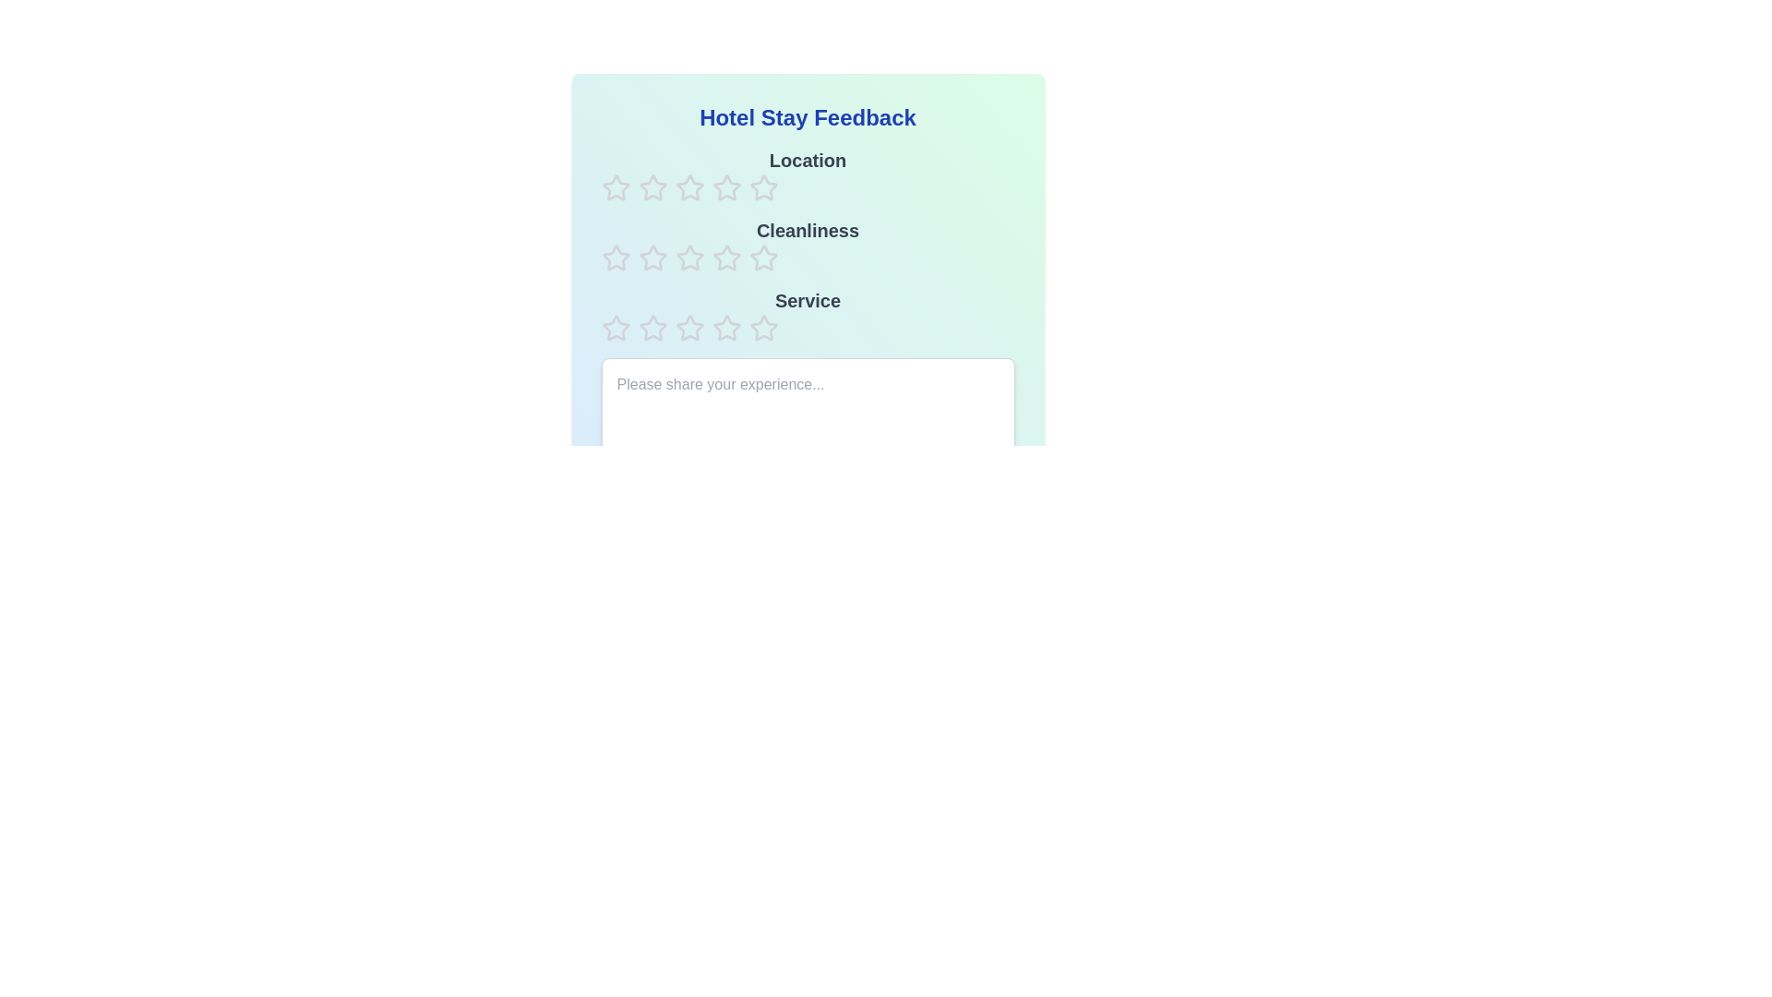 The width and height of the screenshot is (1772, 997). I want to click on the fourth star in the 'Service' section of the feedback form, which represents a rating option in a 5-star rating system, so click(688, 327).